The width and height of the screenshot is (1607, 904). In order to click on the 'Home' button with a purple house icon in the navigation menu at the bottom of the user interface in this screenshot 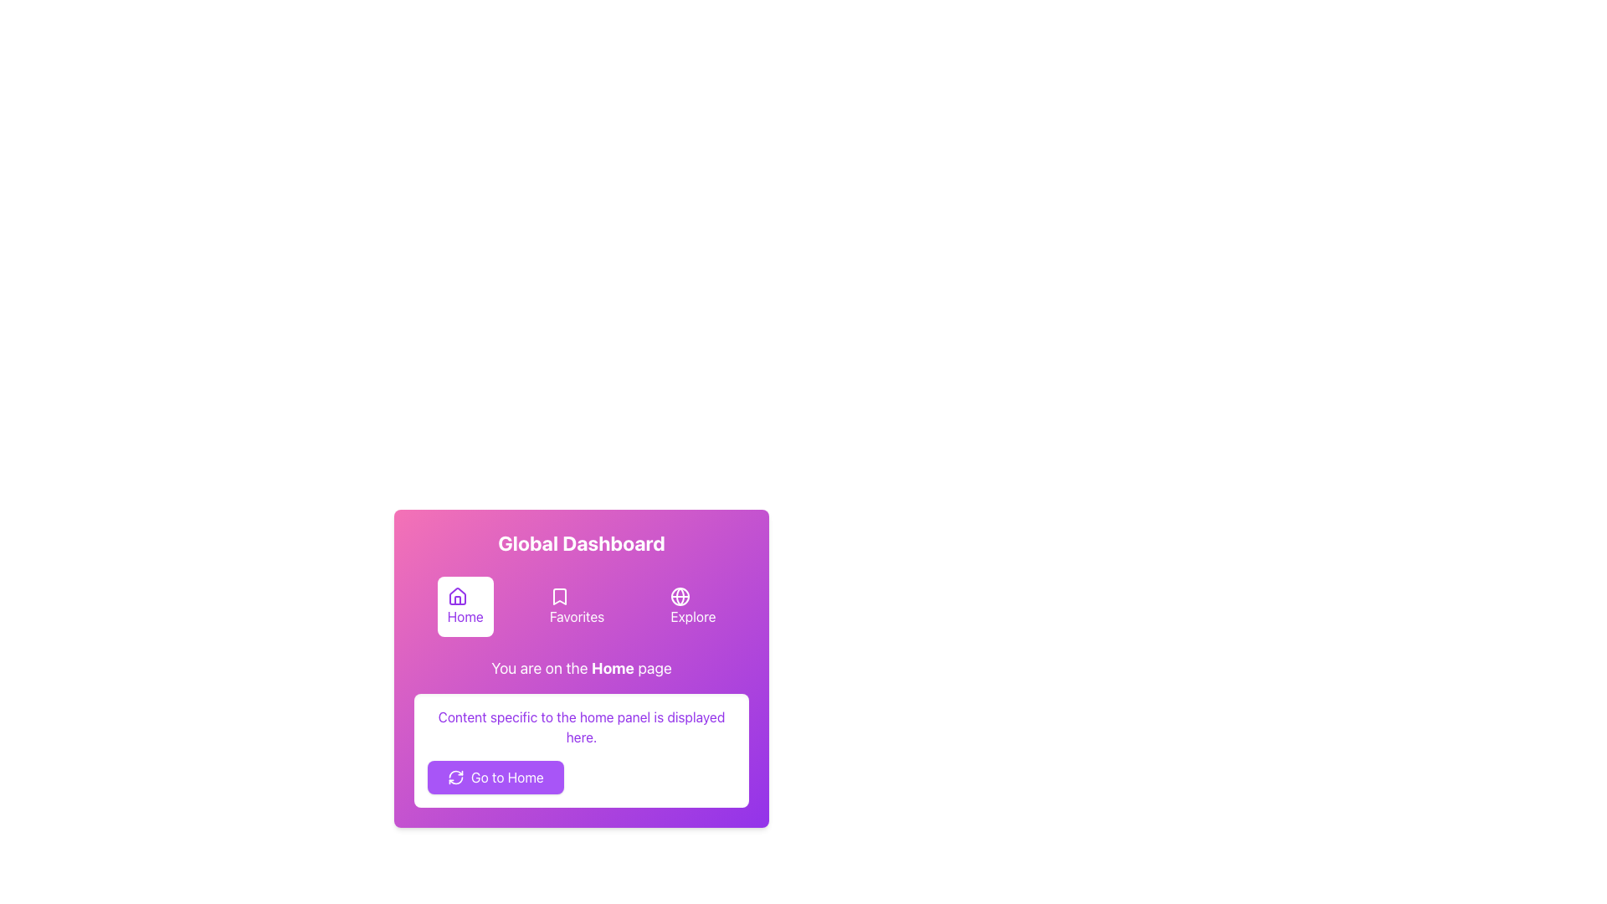, I will do `click(465, 607)`.